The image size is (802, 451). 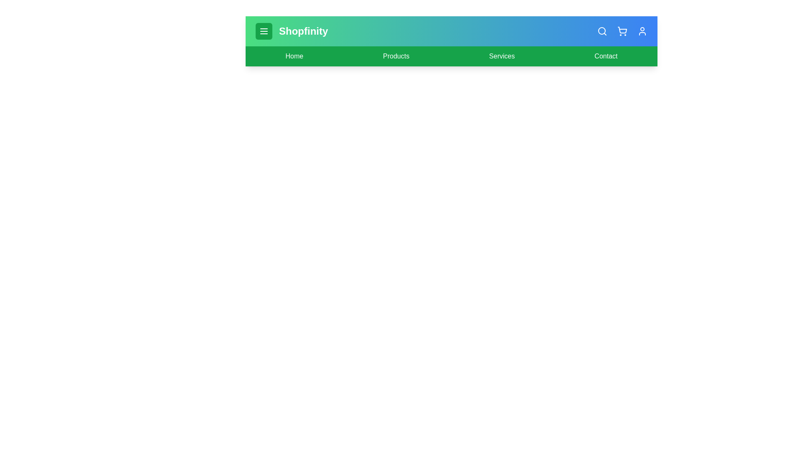 I want to click on the shopping_cart_icon to observe its hover effect, so click(x=622, y=30).